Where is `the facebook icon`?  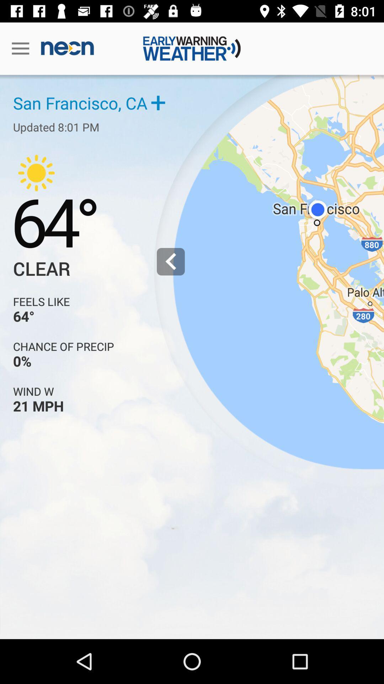 the facebook icon is located at coordinates (22, 22).